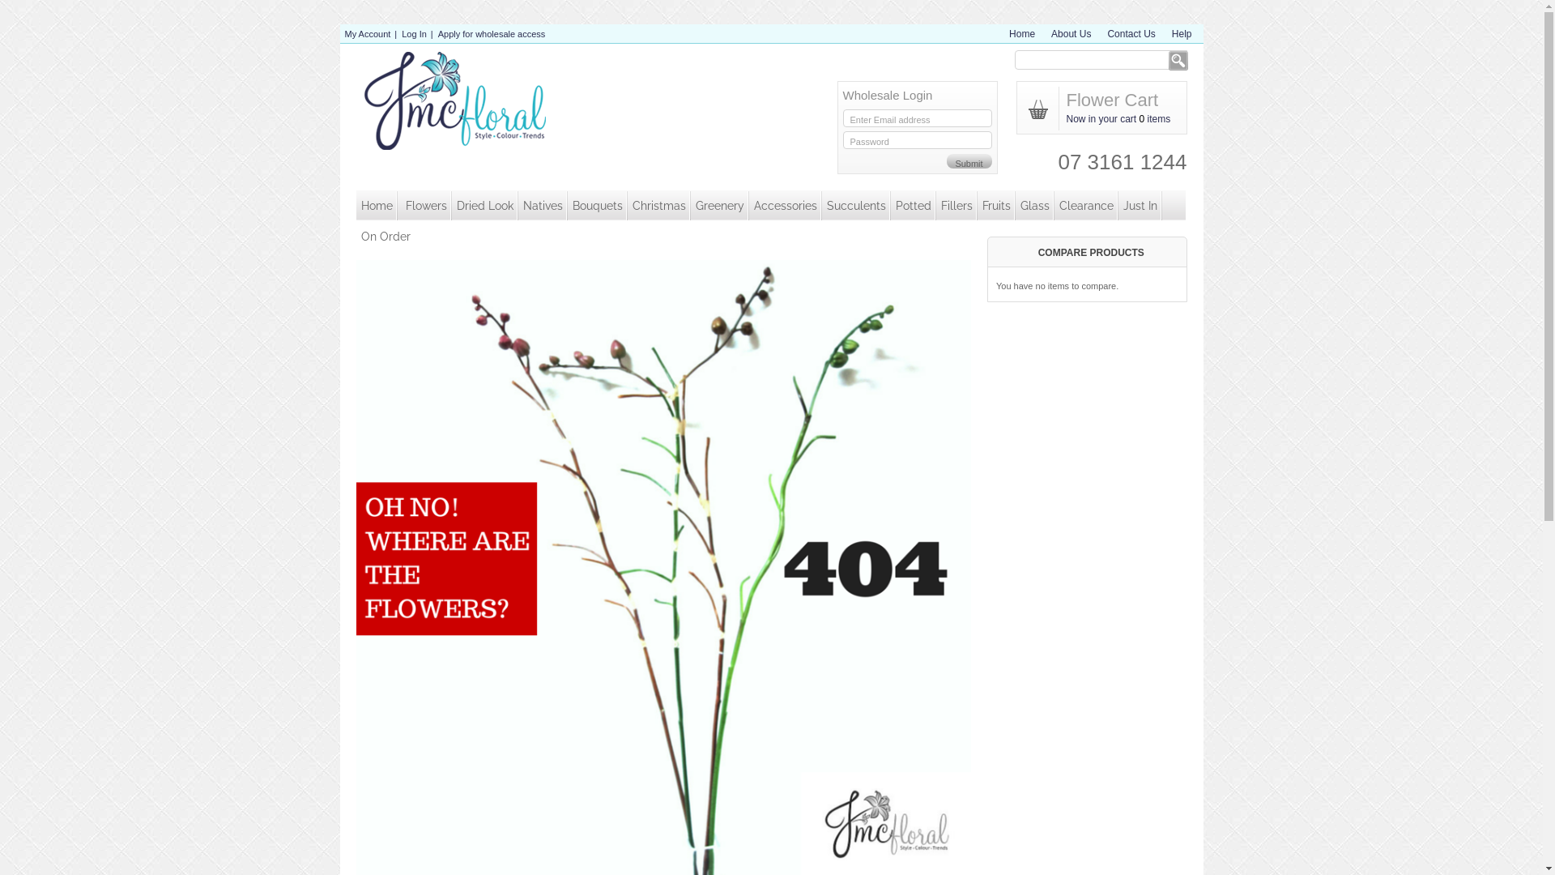  I want to click on 'Log In', so click(413, 34).